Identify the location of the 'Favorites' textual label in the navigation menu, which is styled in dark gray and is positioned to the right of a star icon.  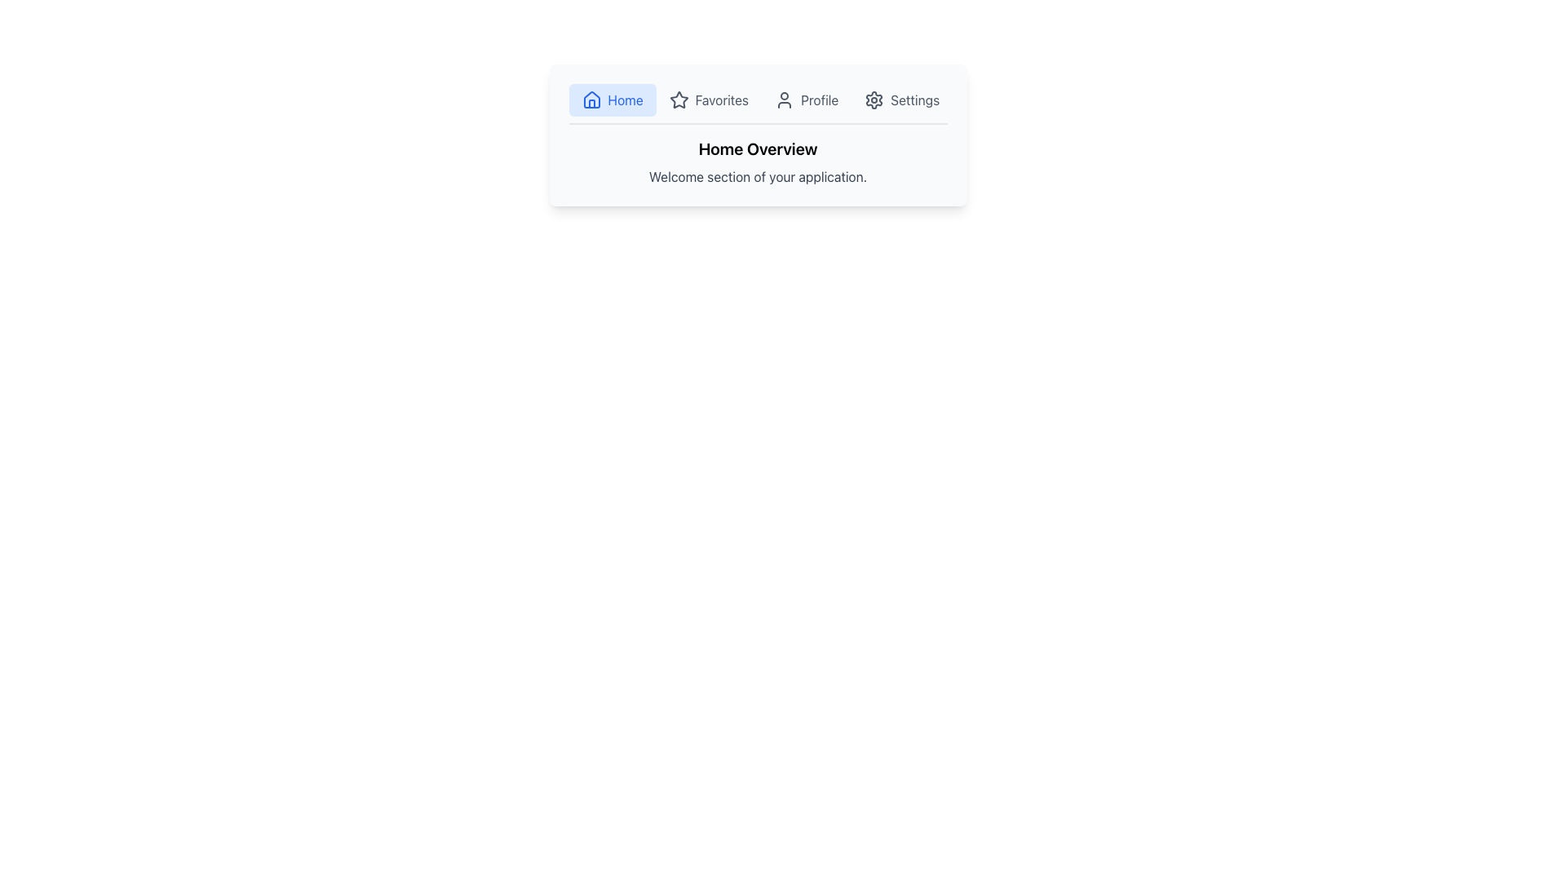
(721, 100).